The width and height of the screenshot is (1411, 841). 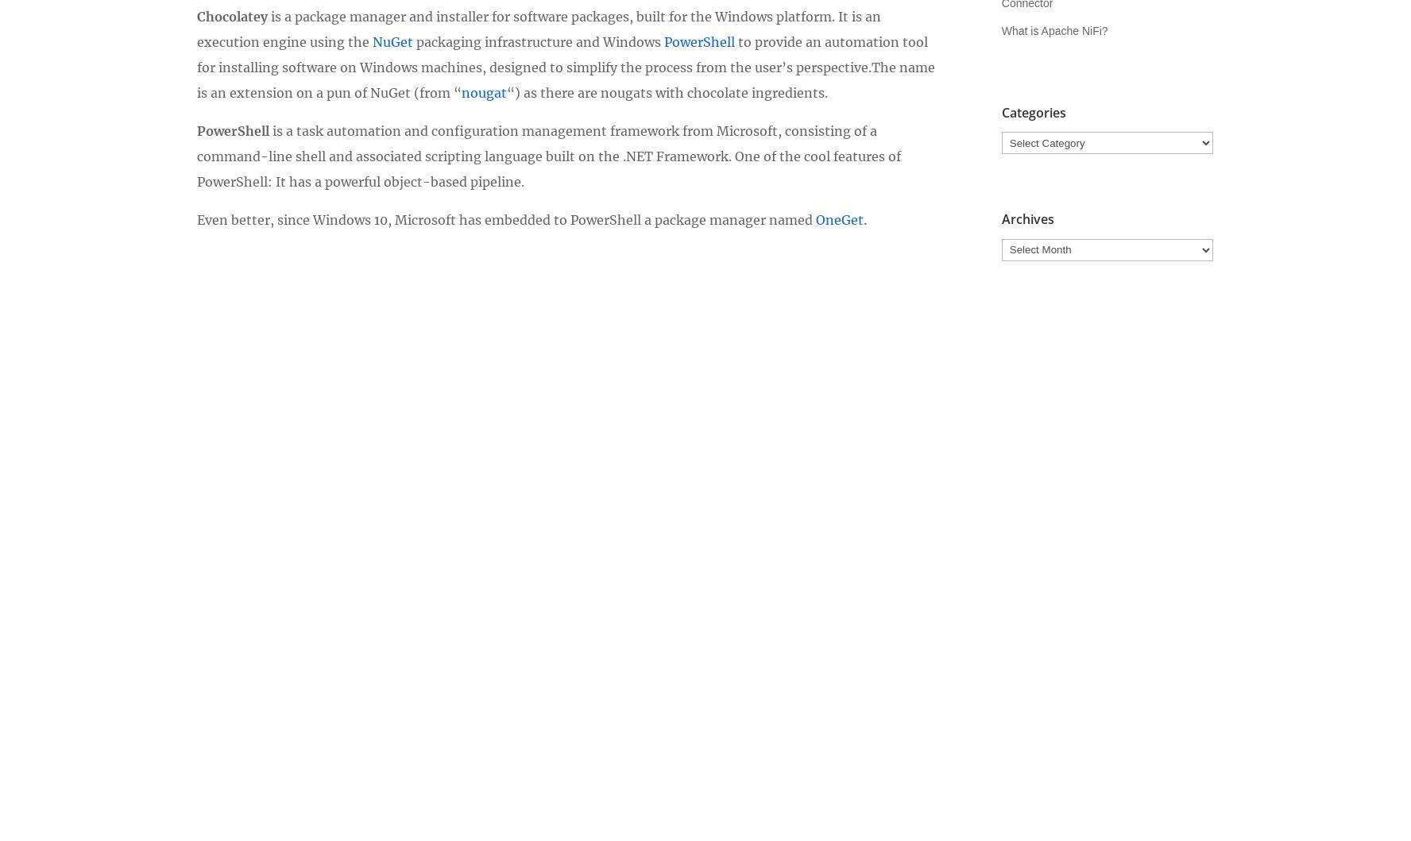 I want to click on 'to provide an automation tool for installing software on Windows machines, designed to simplify the process from the user’s perspective.The name is an extension on a pun of NuGet (from “', so click(x=566, y=66).